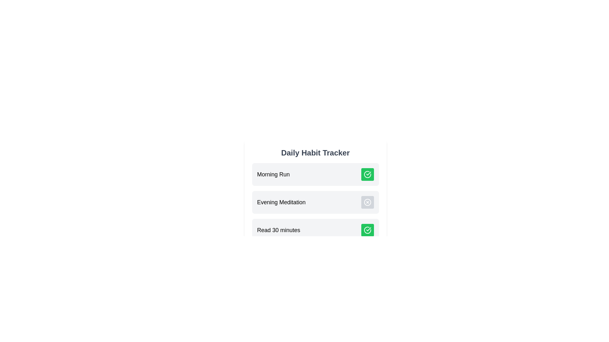 The height and width of the screenshot is (342, 609). Describe the element at coordinates (368, 173) in the screenshot. I see `the appearance of the checkmark icon within the hollow circle, located at the center of the third row in the 'Daily Habit Tracker' interface` at that location.